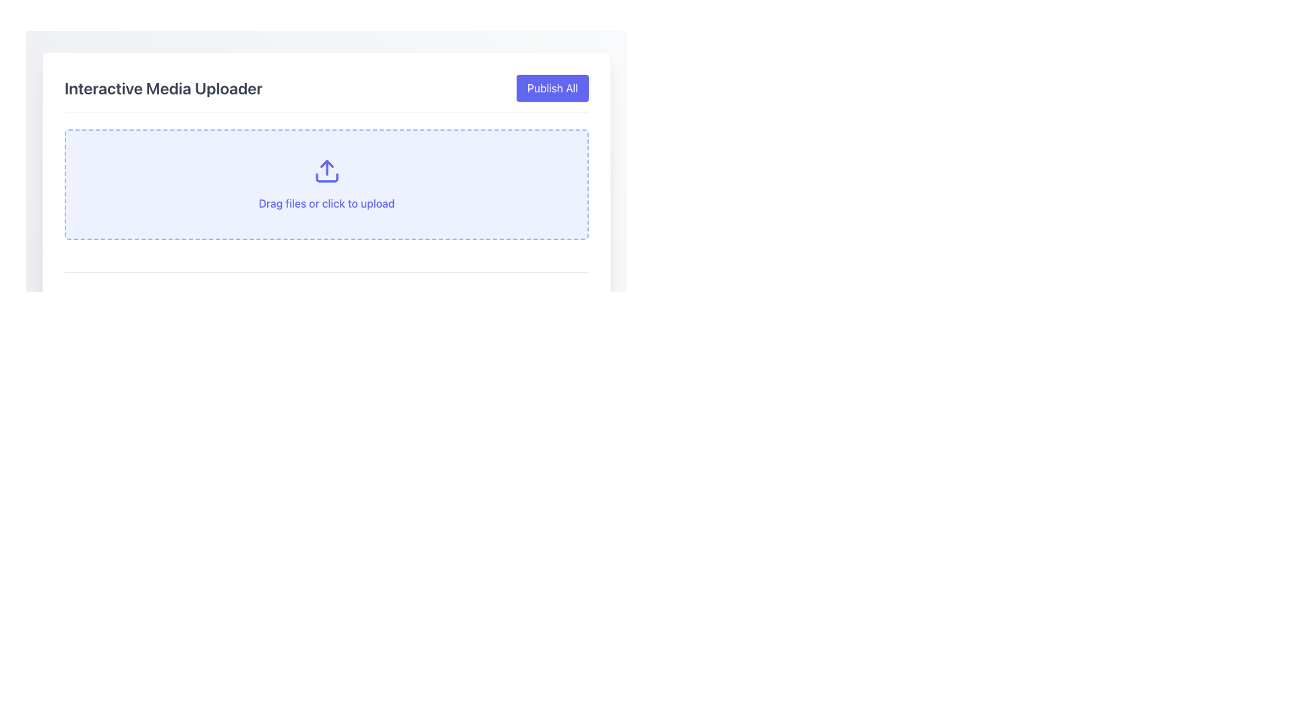 This screenshot has width=1295, height=728. I want to click on the upload feature icon, which is centrally located above the text 'Drag files or click to upload', to initiate the file upload process, so click(326, 171).